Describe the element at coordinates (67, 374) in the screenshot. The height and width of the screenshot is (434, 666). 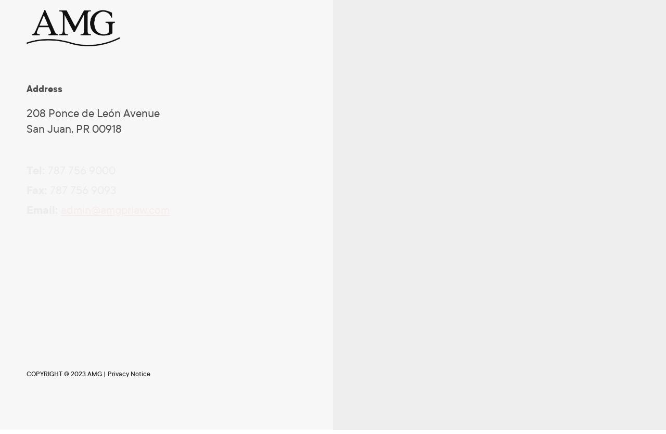
I see `'COPYRIGHT © 2023  AMG   |'` at that location.